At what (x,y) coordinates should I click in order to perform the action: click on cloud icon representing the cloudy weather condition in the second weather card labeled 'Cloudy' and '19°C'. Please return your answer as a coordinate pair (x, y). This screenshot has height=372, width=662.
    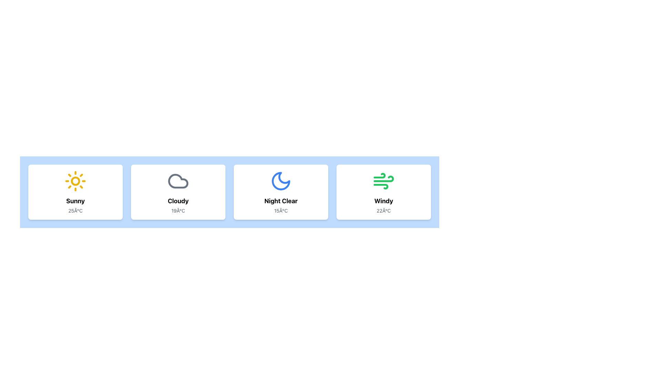
    Looking at the image, I should click on (178, 180).